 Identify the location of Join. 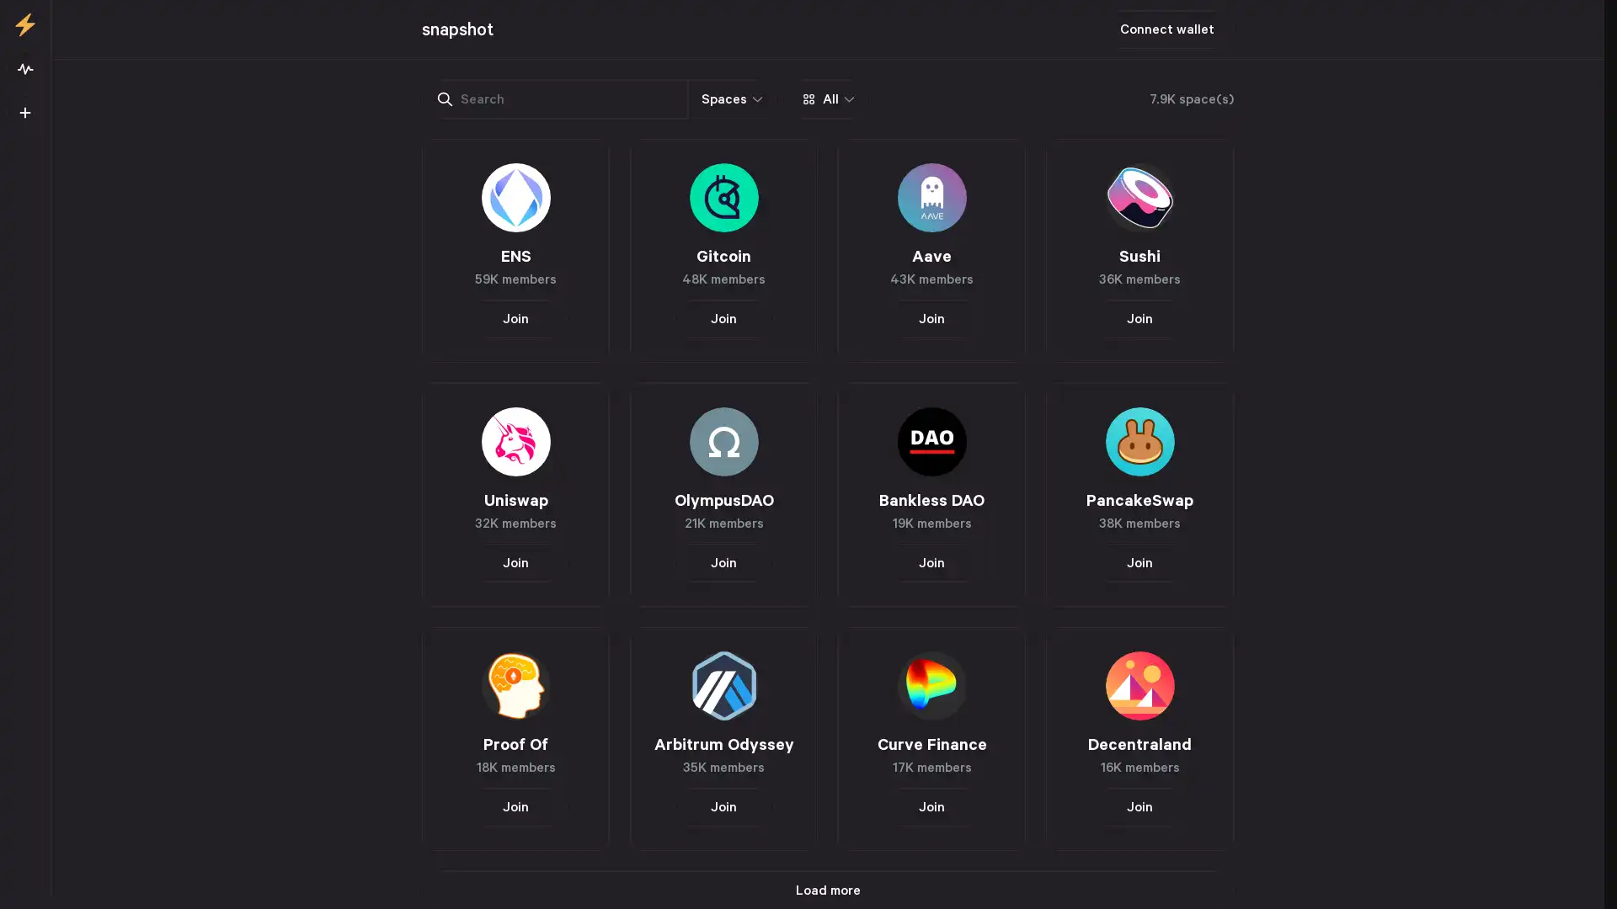
(723, 806).